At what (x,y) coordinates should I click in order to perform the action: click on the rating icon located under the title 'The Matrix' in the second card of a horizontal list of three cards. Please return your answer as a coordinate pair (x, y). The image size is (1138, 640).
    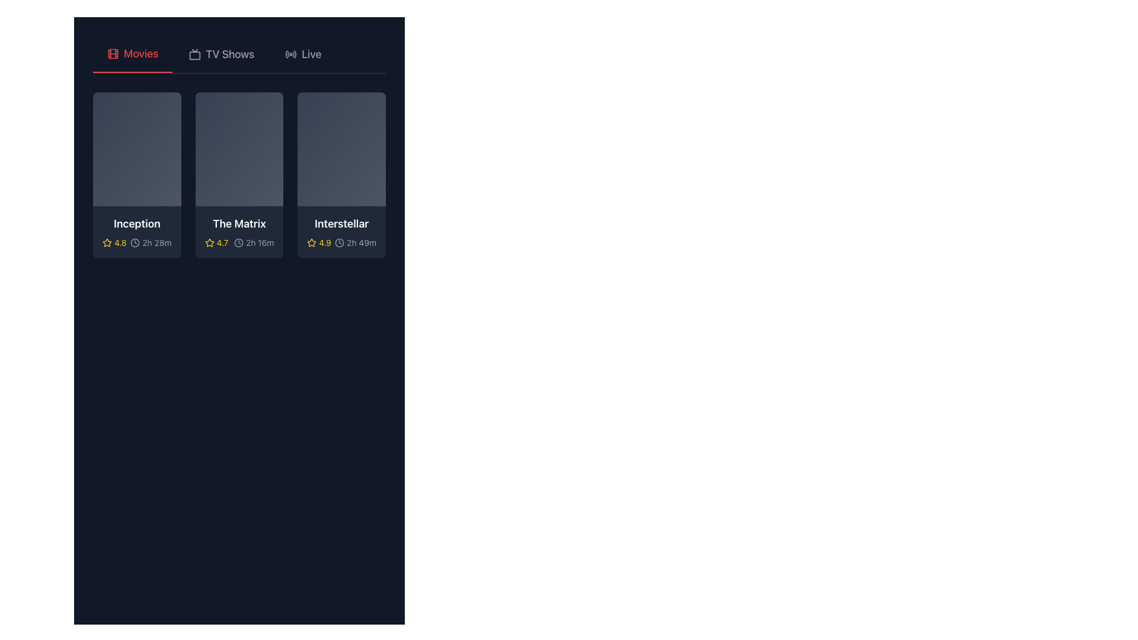
    Looking at the image, I should click on (209, 242).